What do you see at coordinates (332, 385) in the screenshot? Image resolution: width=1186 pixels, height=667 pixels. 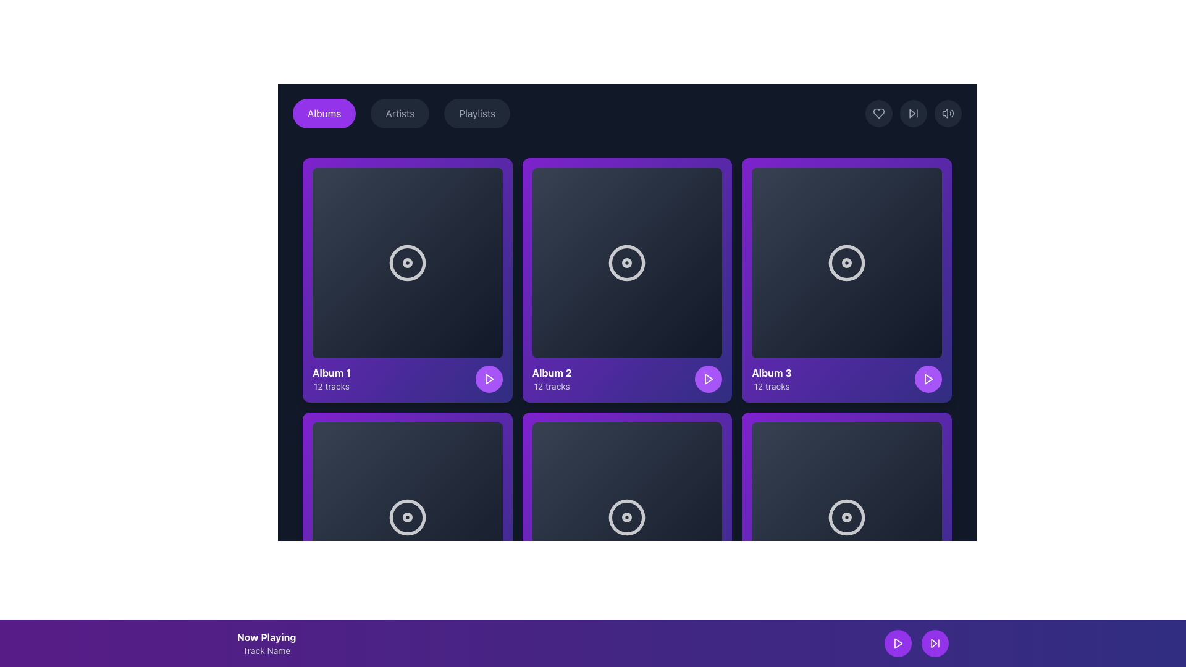 I see `the static text label that indicates the number of tracks associated with 'Album 1', positioned below the album title in the first column of the grid layout` at bounding box center [332, 385].